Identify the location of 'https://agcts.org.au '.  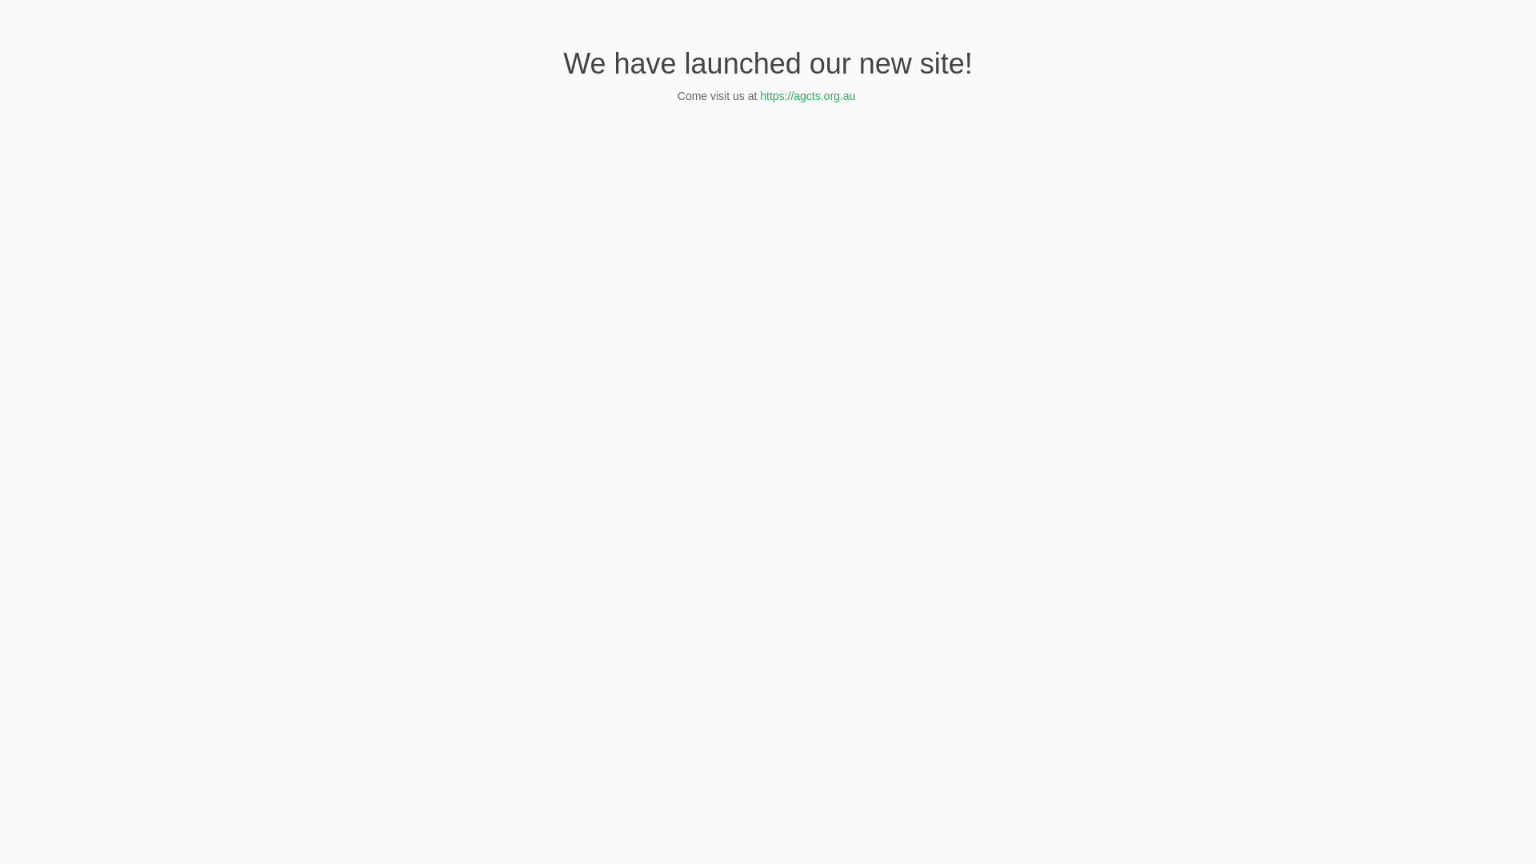
(759, 95).